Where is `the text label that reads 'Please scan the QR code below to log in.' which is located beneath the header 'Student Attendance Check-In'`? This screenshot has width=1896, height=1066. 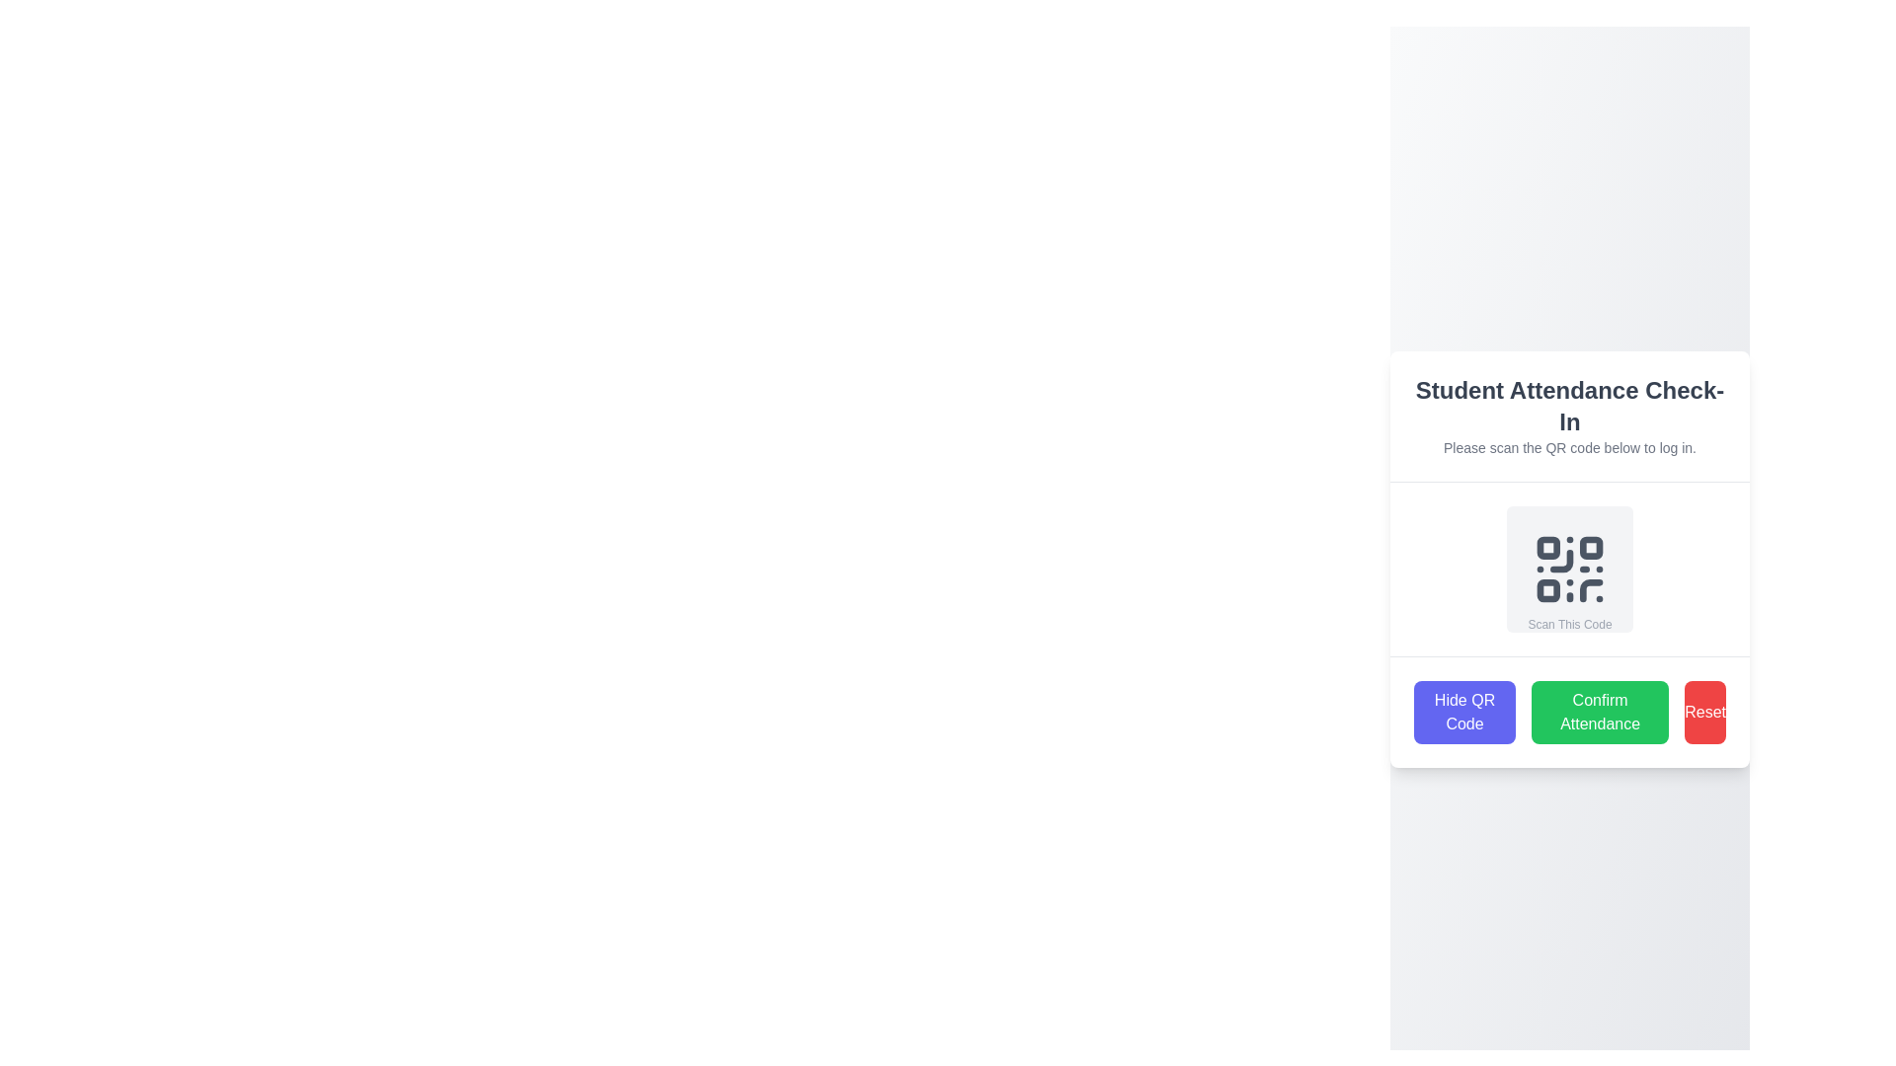 the text label that reads 'Please scan the QR code below to log in.' which is located beneath the header 'Student Attendance Check-In' is located at coordinates (1568, 448).